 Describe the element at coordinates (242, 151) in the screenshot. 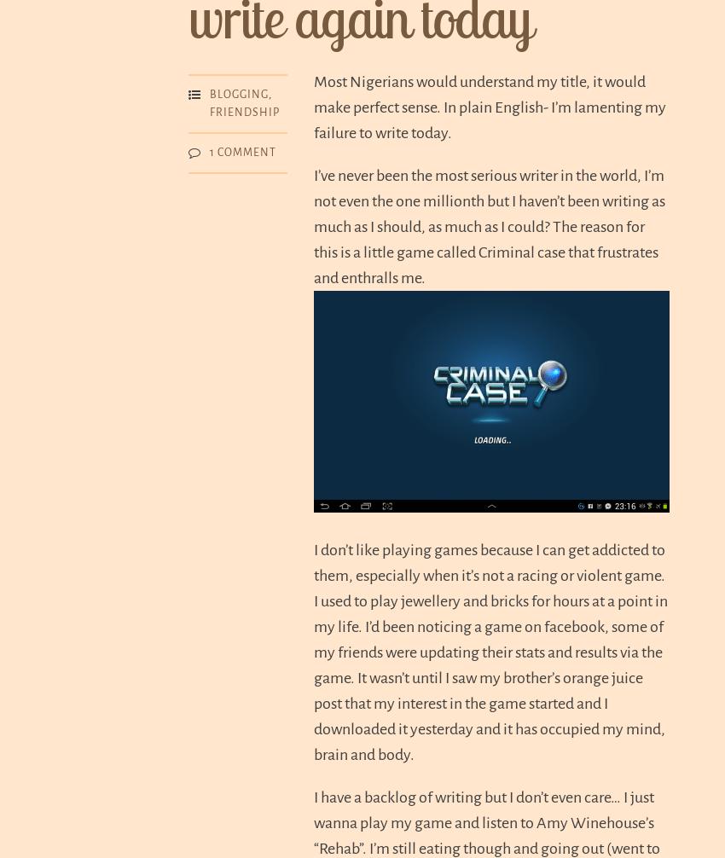

I see `'1 Comment'` at that location.